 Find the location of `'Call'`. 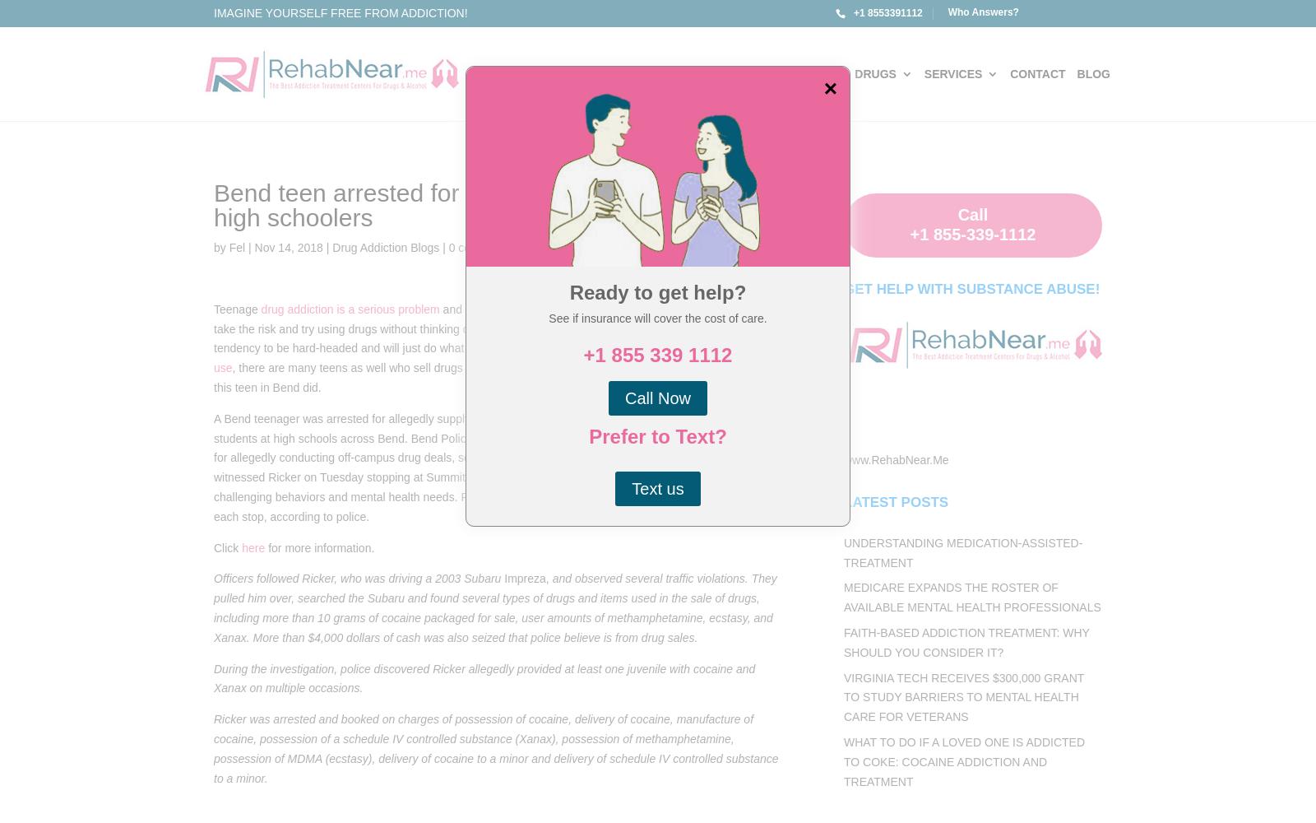

'Call' is located at coordinates (972, 215).